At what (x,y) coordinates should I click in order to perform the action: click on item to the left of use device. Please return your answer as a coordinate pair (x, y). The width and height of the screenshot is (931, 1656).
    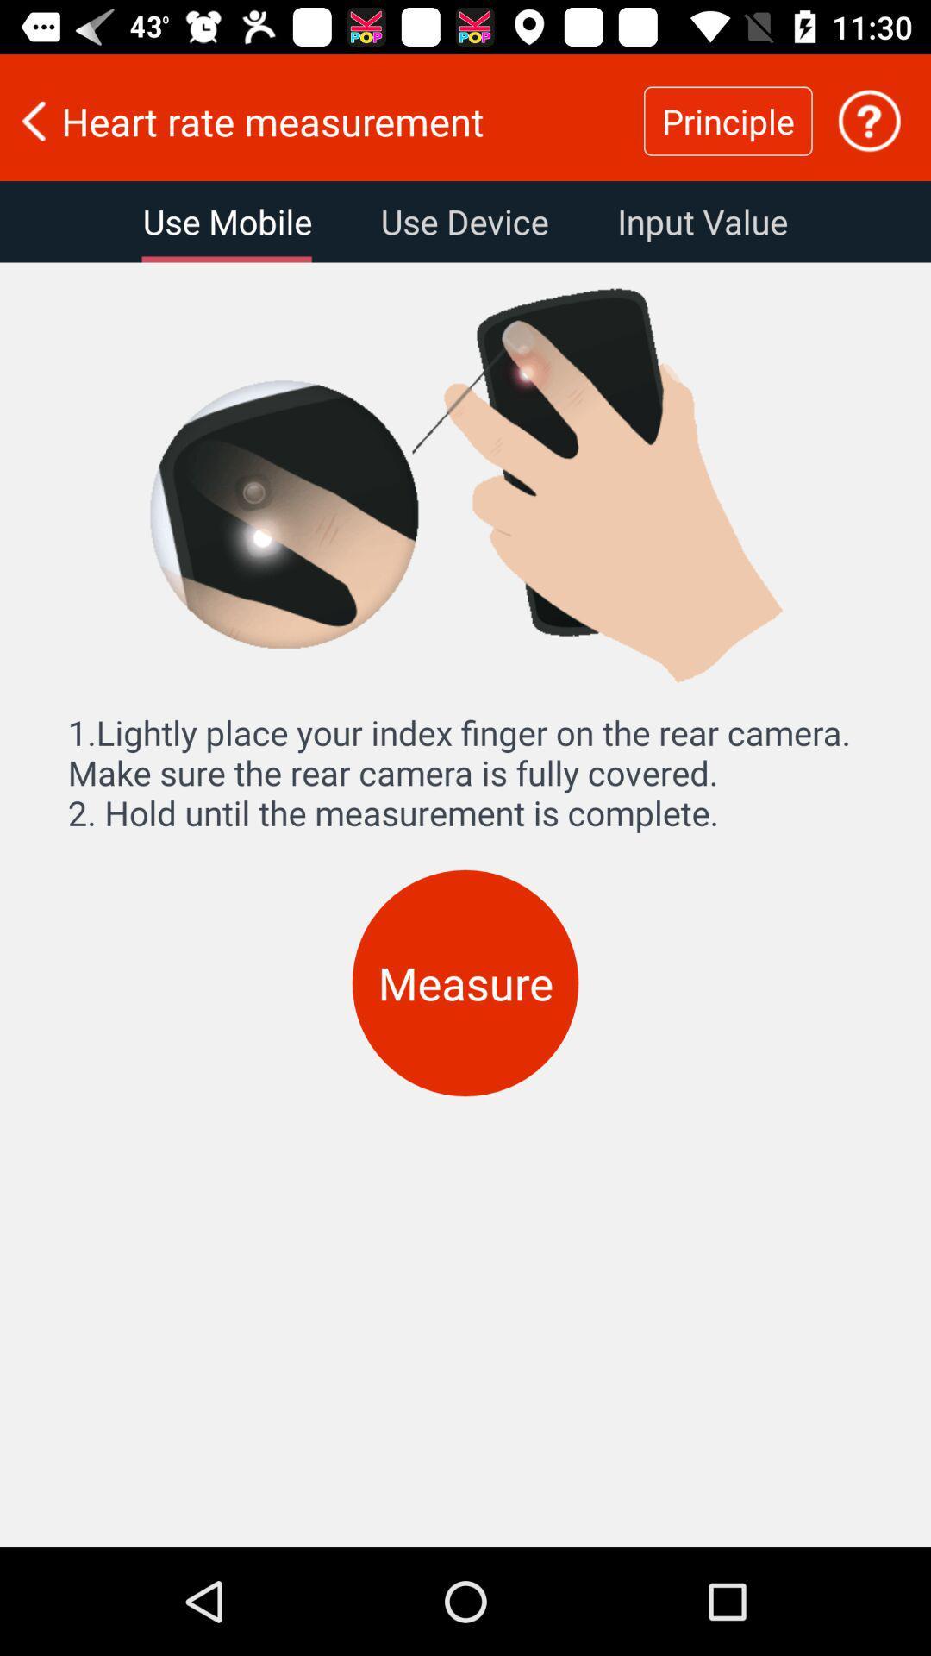
    Looking at the image, I should click on (226, 221).